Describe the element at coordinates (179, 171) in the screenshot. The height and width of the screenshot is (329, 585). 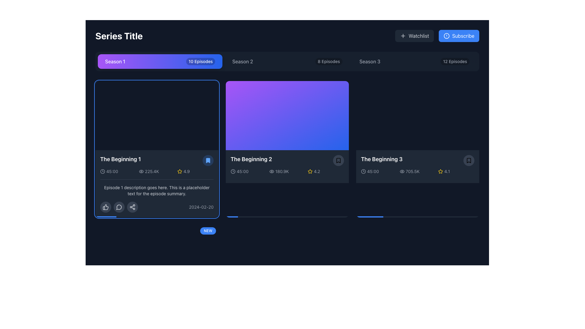
I see `the star icon with a yellow outline and dark interior located next to the rating score for 'The Beginning 1'` at that location.